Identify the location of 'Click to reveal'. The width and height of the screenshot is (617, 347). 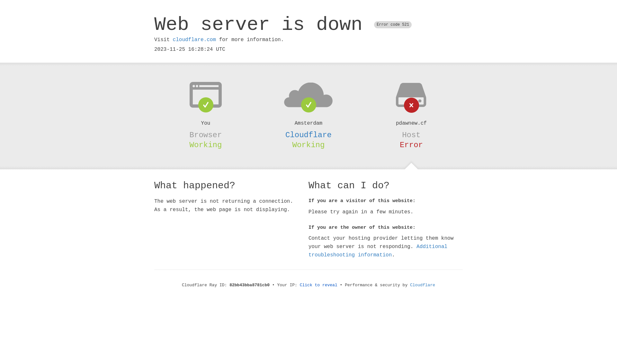
(318, 285).